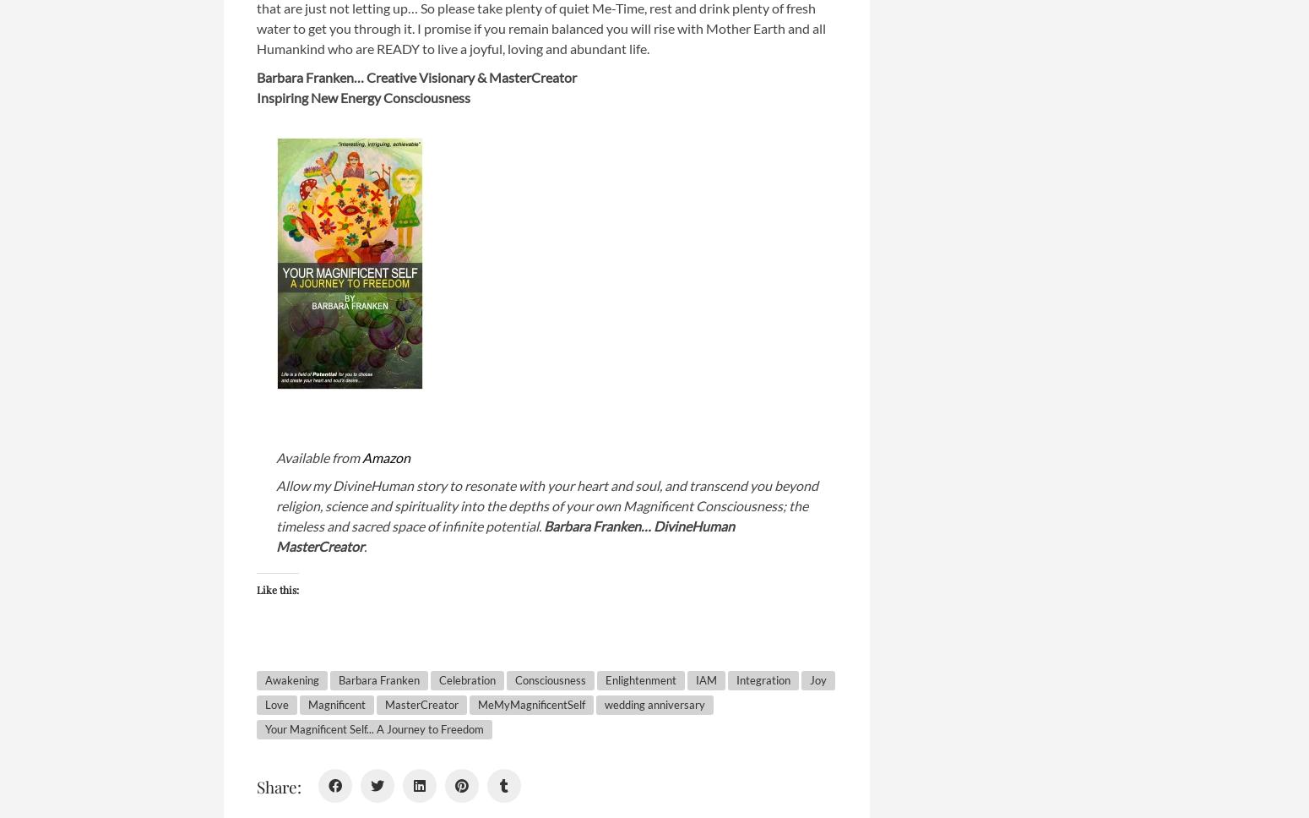 The width and height of the screenshot is (1309, 818). Describe the element at coordinates (817, 679) in the screenshot. I see `'Joy'` at that location.